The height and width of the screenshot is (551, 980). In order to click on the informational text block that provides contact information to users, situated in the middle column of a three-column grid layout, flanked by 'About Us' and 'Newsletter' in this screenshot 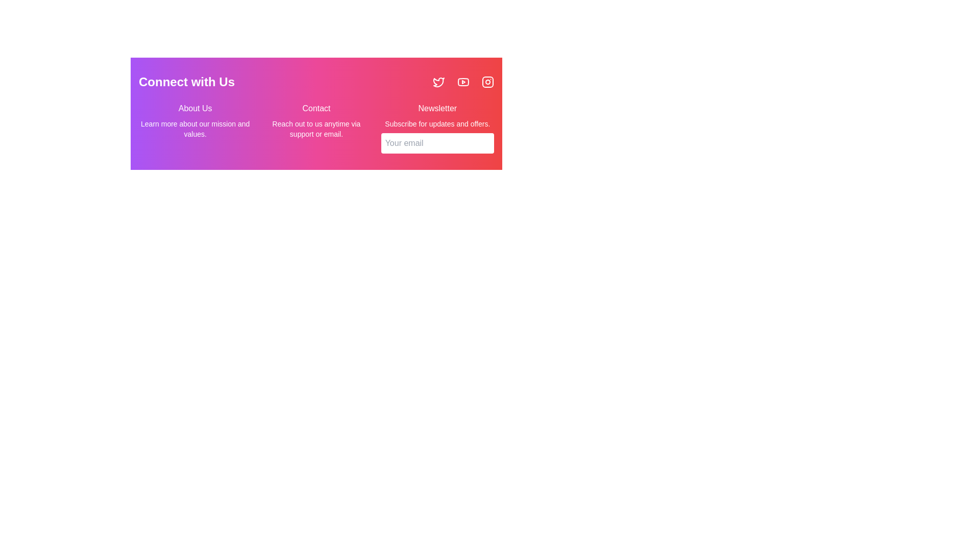, I will do `click(315, 127)`.